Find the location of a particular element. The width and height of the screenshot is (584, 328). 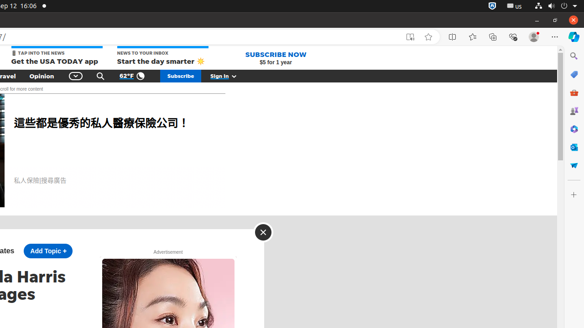

'SUBSCRIBE NOW $5 for 1 year' is located at coordinates (275, 58).